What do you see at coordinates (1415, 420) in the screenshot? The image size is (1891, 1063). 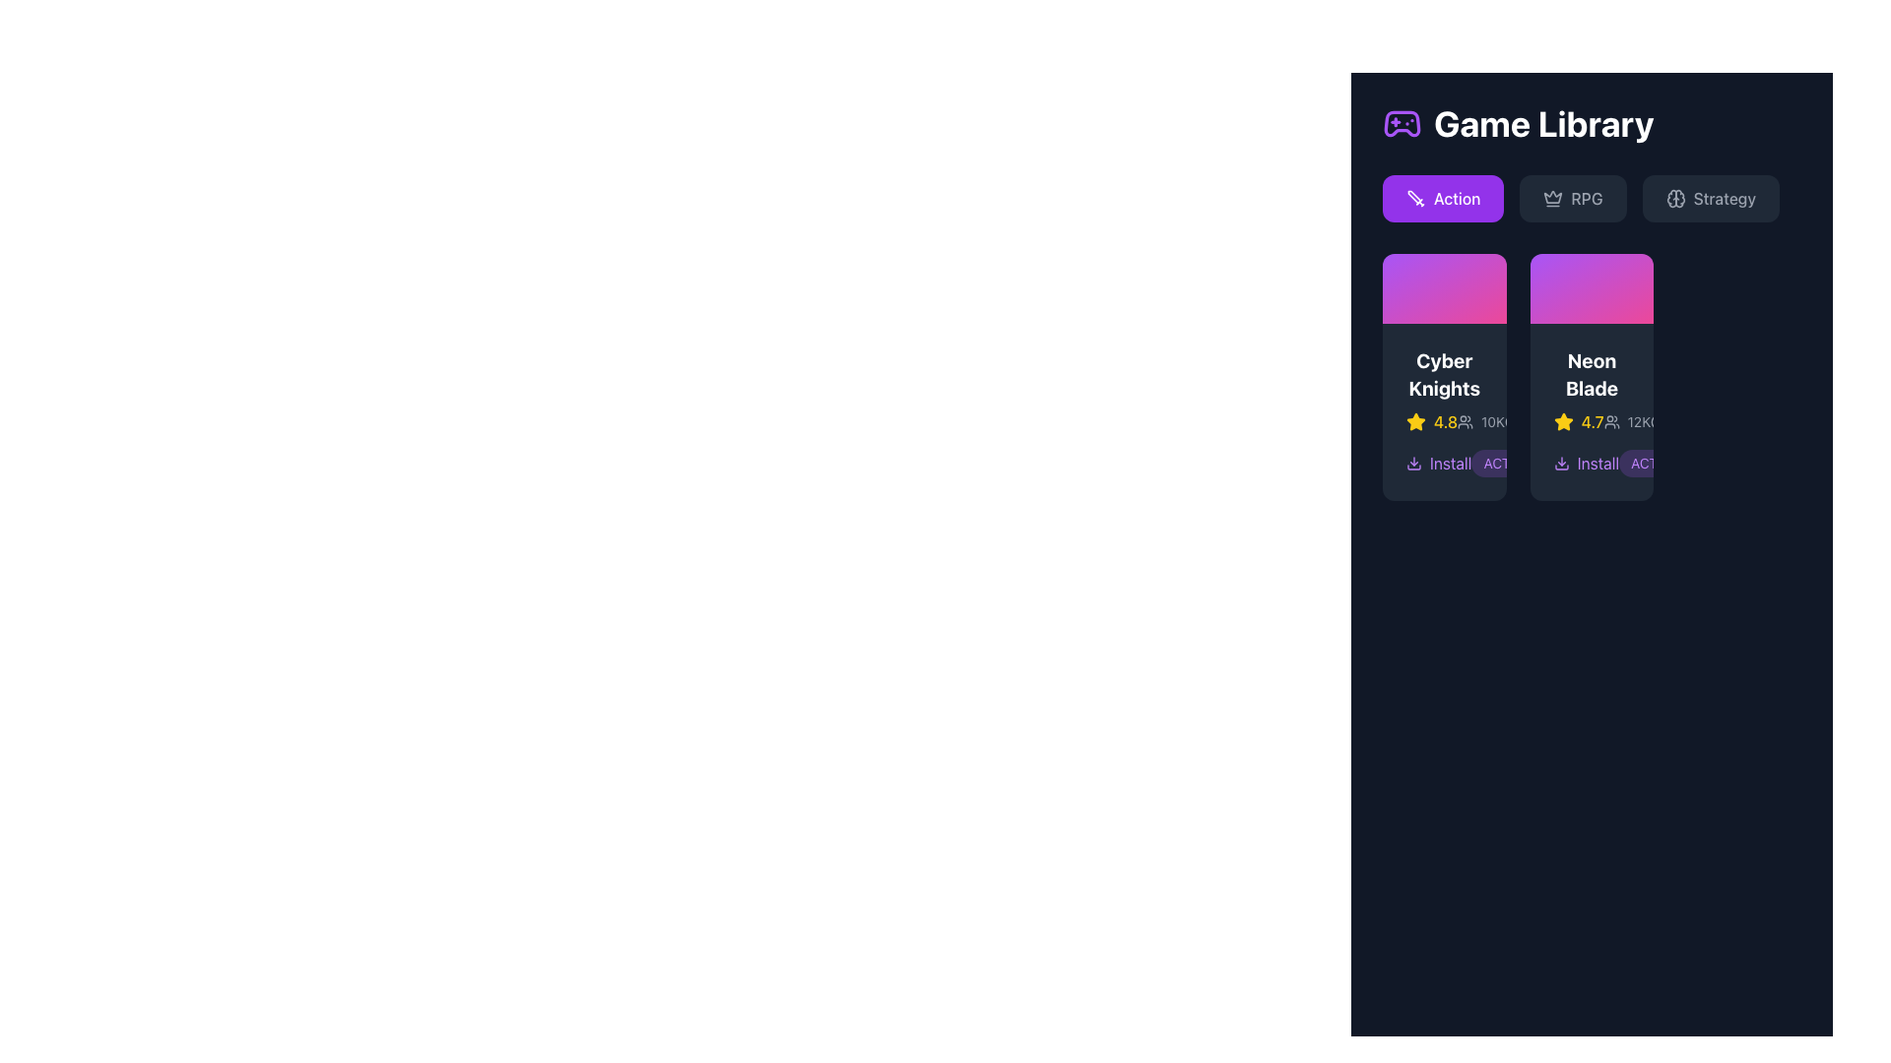 I see `the rating icon representing a score of 4.8 in the 'Cyber Knights' card located in the game library` at bounding box center [1415, 420].